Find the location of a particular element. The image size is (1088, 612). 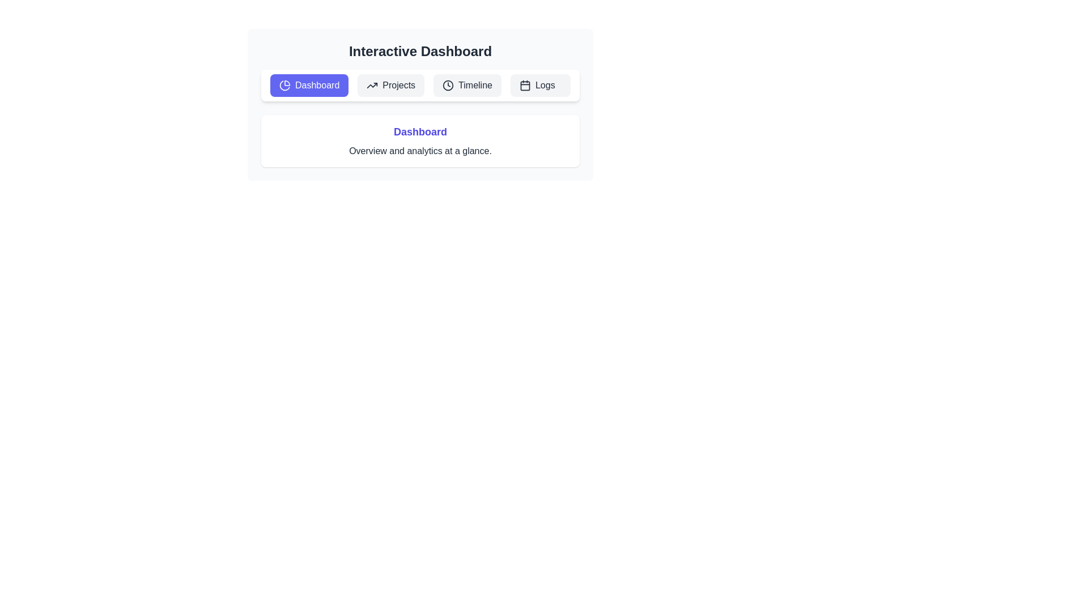

the 'Dashboard' button, which is the leftmost button in the horizontal menu is located at coordinates (285, 84).